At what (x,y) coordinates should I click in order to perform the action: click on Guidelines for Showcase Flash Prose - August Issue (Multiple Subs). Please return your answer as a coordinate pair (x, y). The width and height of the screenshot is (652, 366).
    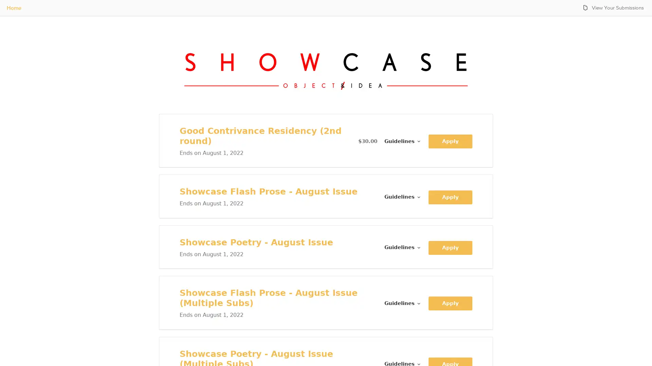
    Looking at the image, I should click on (403, 303).